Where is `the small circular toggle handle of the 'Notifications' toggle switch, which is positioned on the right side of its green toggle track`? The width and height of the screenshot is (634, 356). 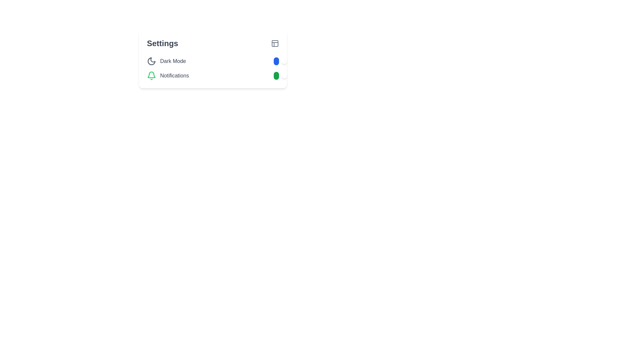
the small circular toggle handle of the 'Notifications' toggle switch, which is positioned on the right side of its green toggle track is located at coordinates (284, 75).